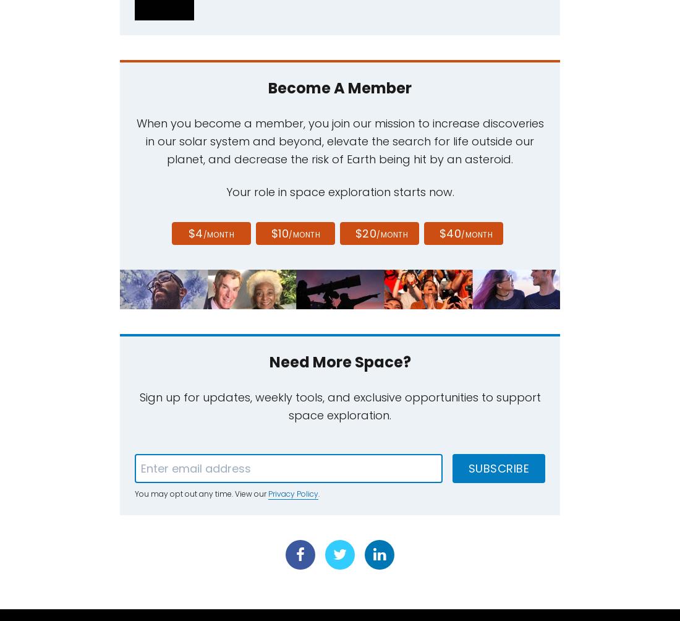  What do you see at coordinates (279, 233) in the screenshot?
I see `'$10'` at bounding box center [279, 233].